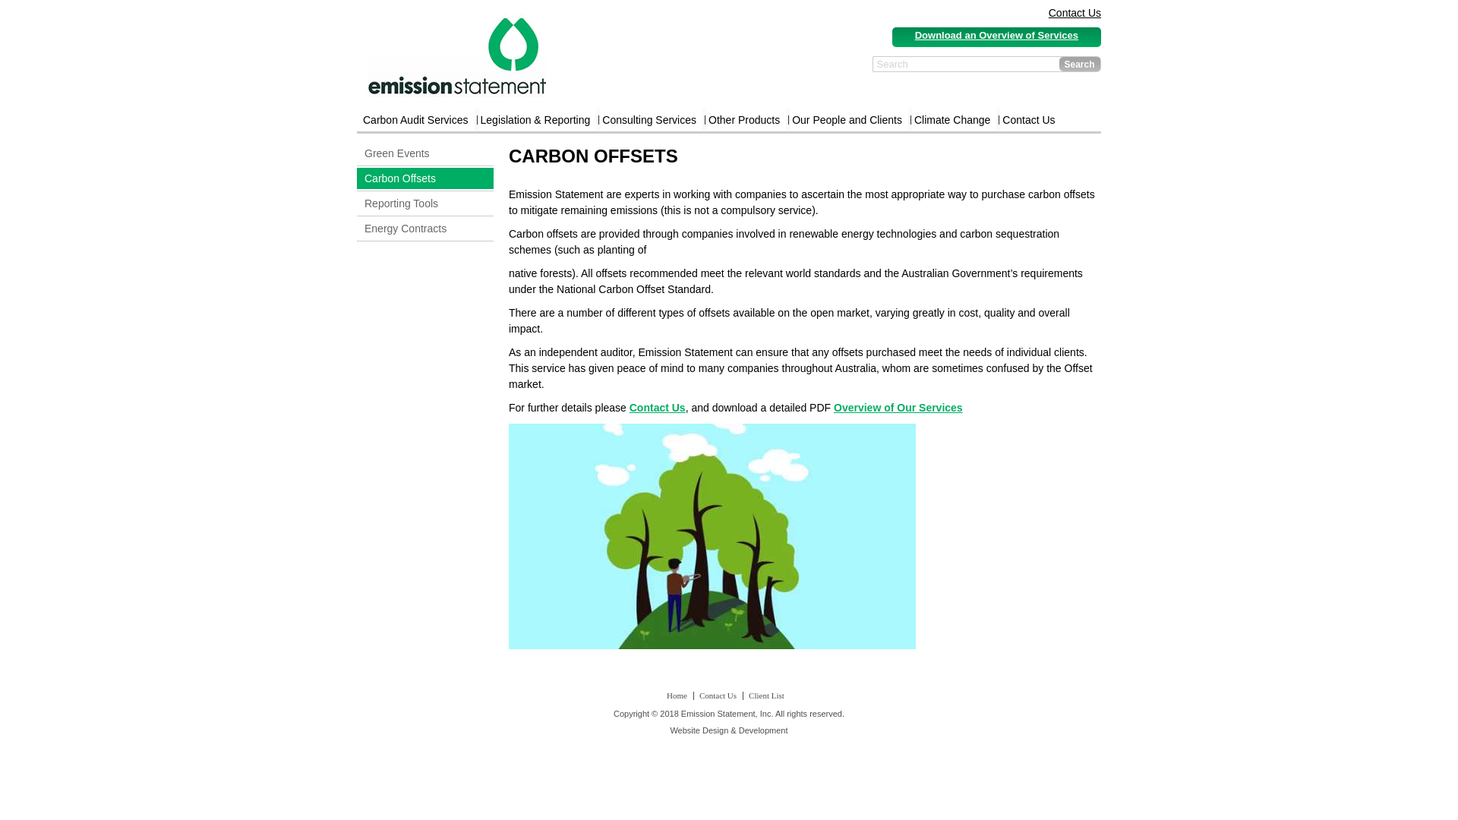 Image resolution: width=1458 pixels, height=820 pixels. I want to click on 'Website Design & Development', so click(729, 729).